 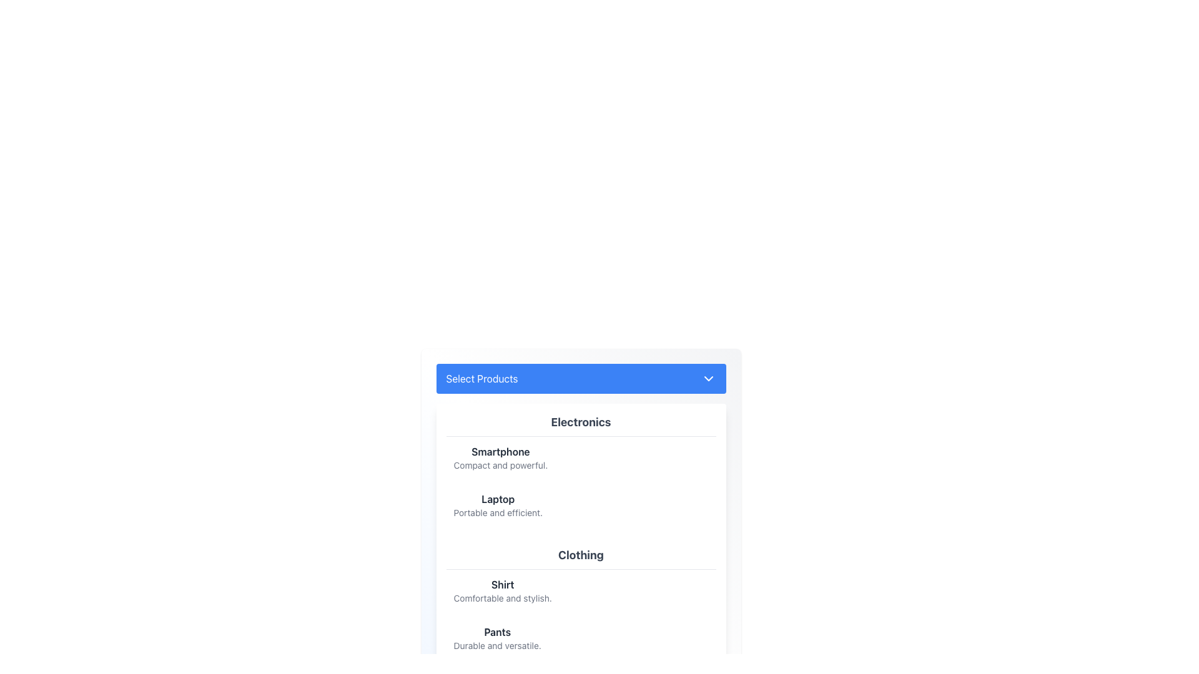 What do you see at coordinates (500, 465) in the screenshot?
I see `text content of the Text label element displaying 'Compact and powerful.' which is located below the item title 'Smartphone' in the Electronics section` at bounding box center [500, 465].